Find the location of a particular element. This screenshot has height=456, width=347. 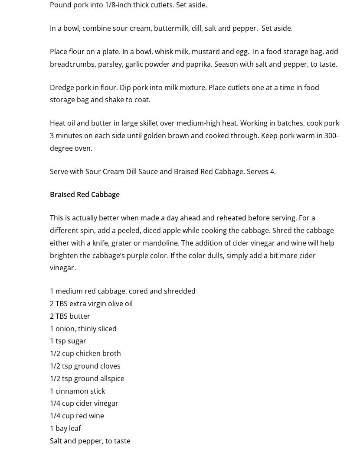

'Salt and pepper, to taste' is located at coordinates (90, 440).